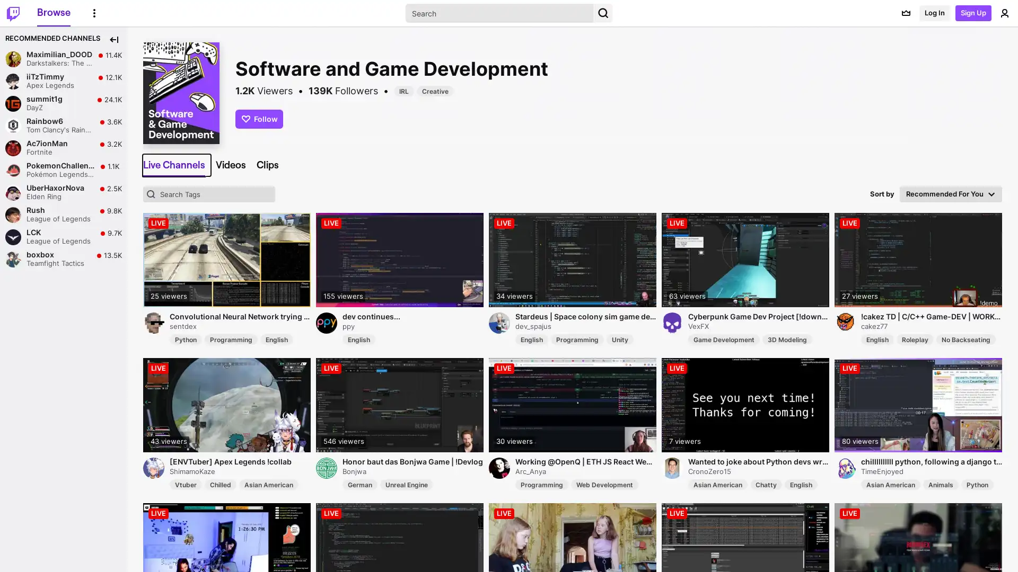  What do you see at coordinates (941, 484) in the screenshot?
I see `Animals` at bounding box center [941, 484].